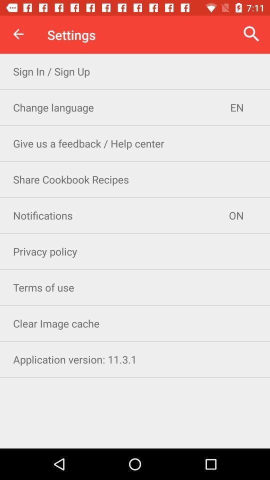 The image size is (270, 480). What do you see at coordinates (135, 250) in the screenshot?
I see `privacy policy` at bounding box center [135, 250].